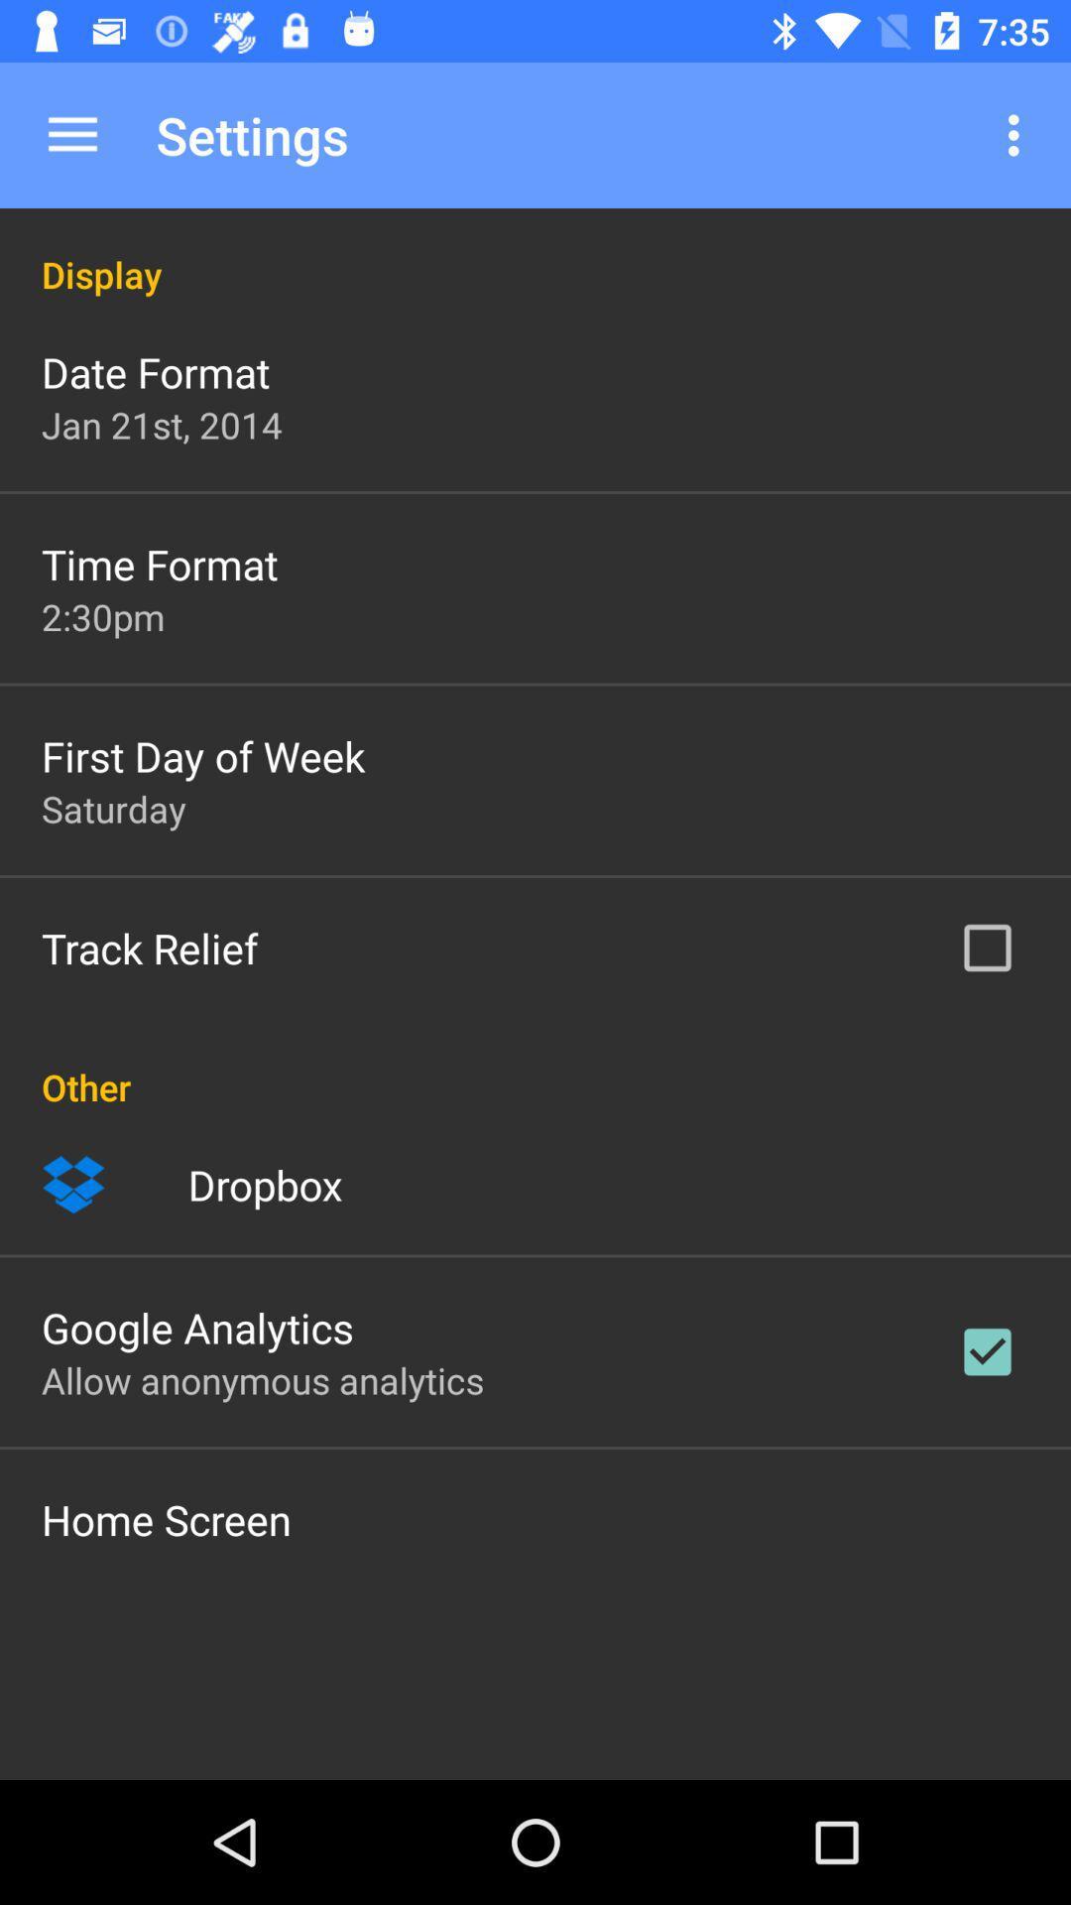 The width and height of the screenshot is (1071, 1905). I want to click on date format item, so click(155, 371).